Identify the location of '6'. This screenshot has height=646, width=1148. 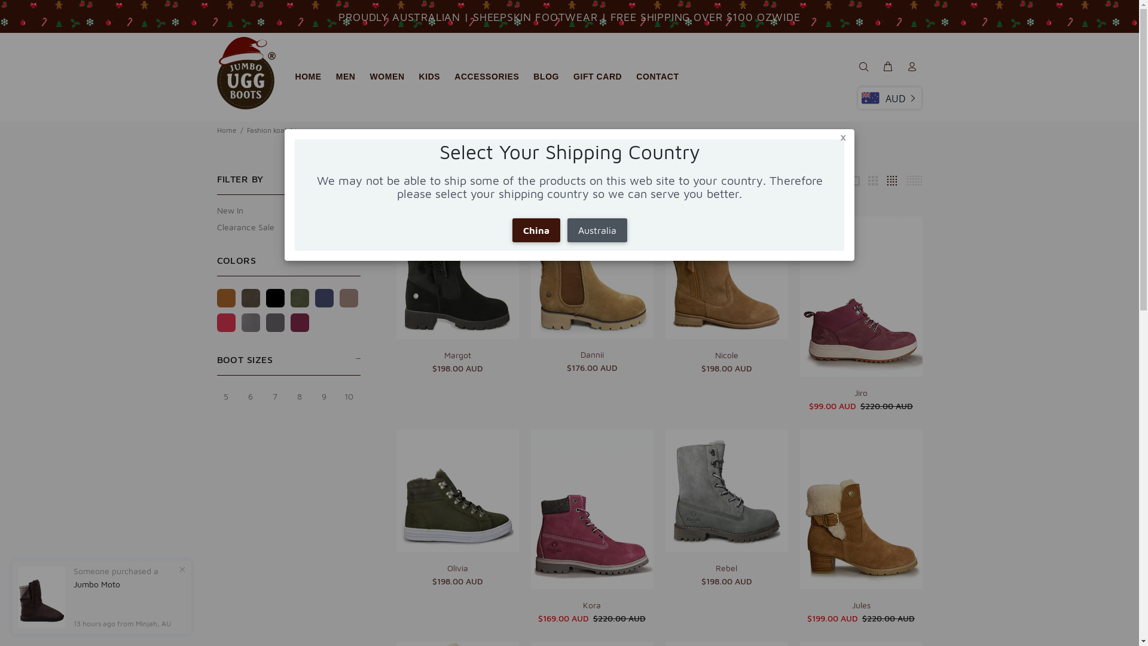
(250, 397).